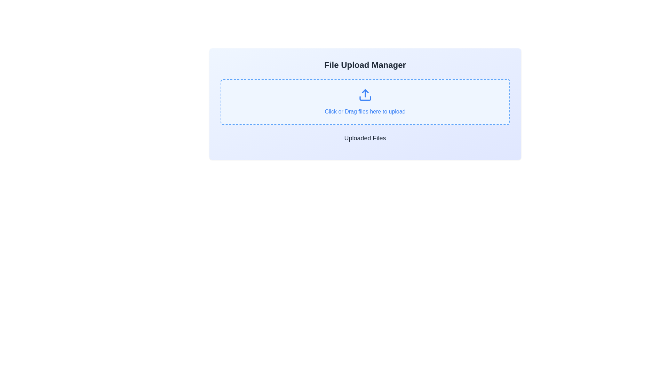 The width and height of the screenshot is (668, 376). Describe the element at coordinates (365, 102) in the screenshot. I see `and drop files onto the centered clickable dropzone interface with a blue dashed border and light blue background, which allows users` at that location.